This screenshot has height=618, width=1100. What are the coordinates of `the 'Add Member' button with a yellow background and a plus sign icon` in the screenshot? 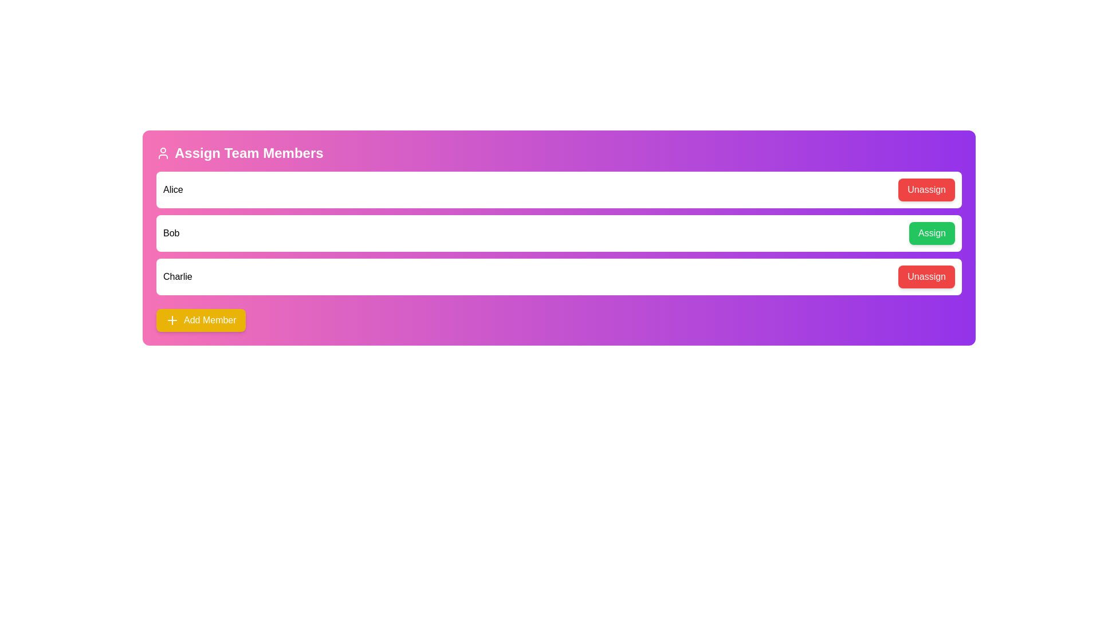 It's located at (201, 320).